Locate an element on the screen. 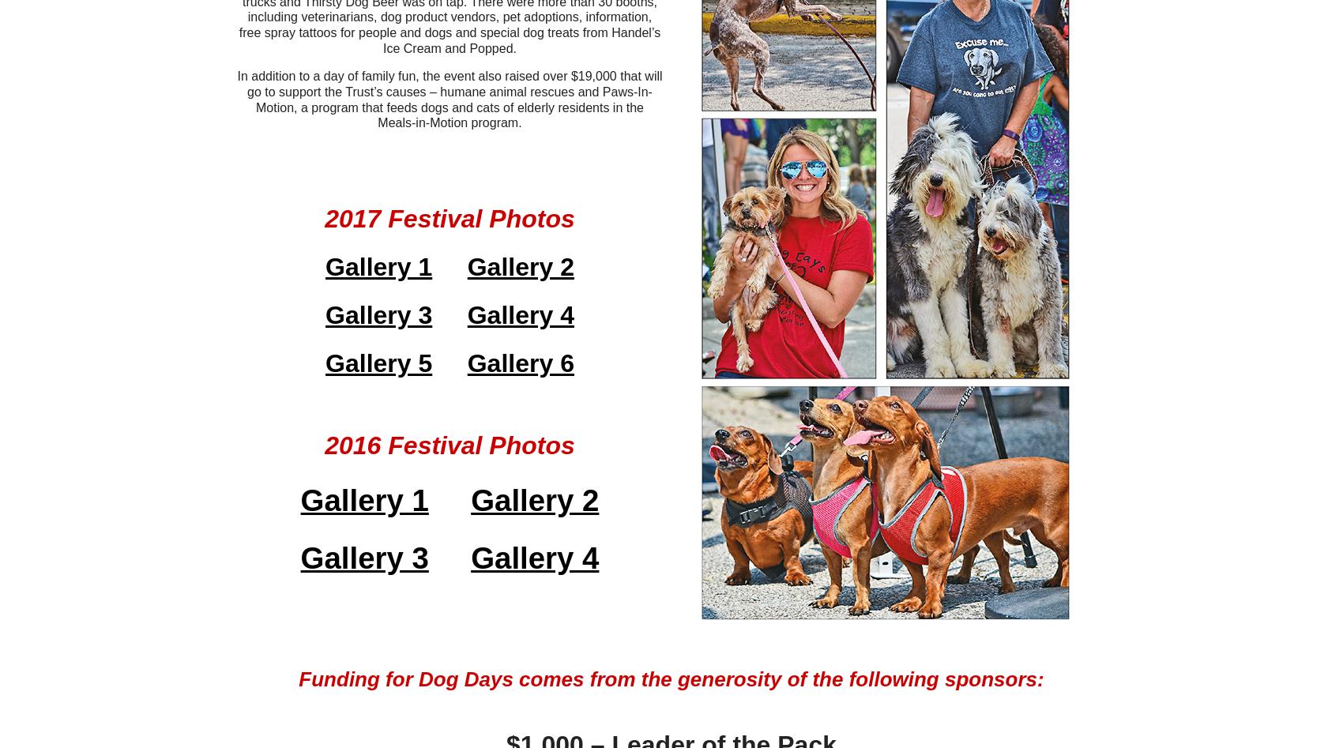  '2016 Festival Photos' is located at coordinates (448, 445).